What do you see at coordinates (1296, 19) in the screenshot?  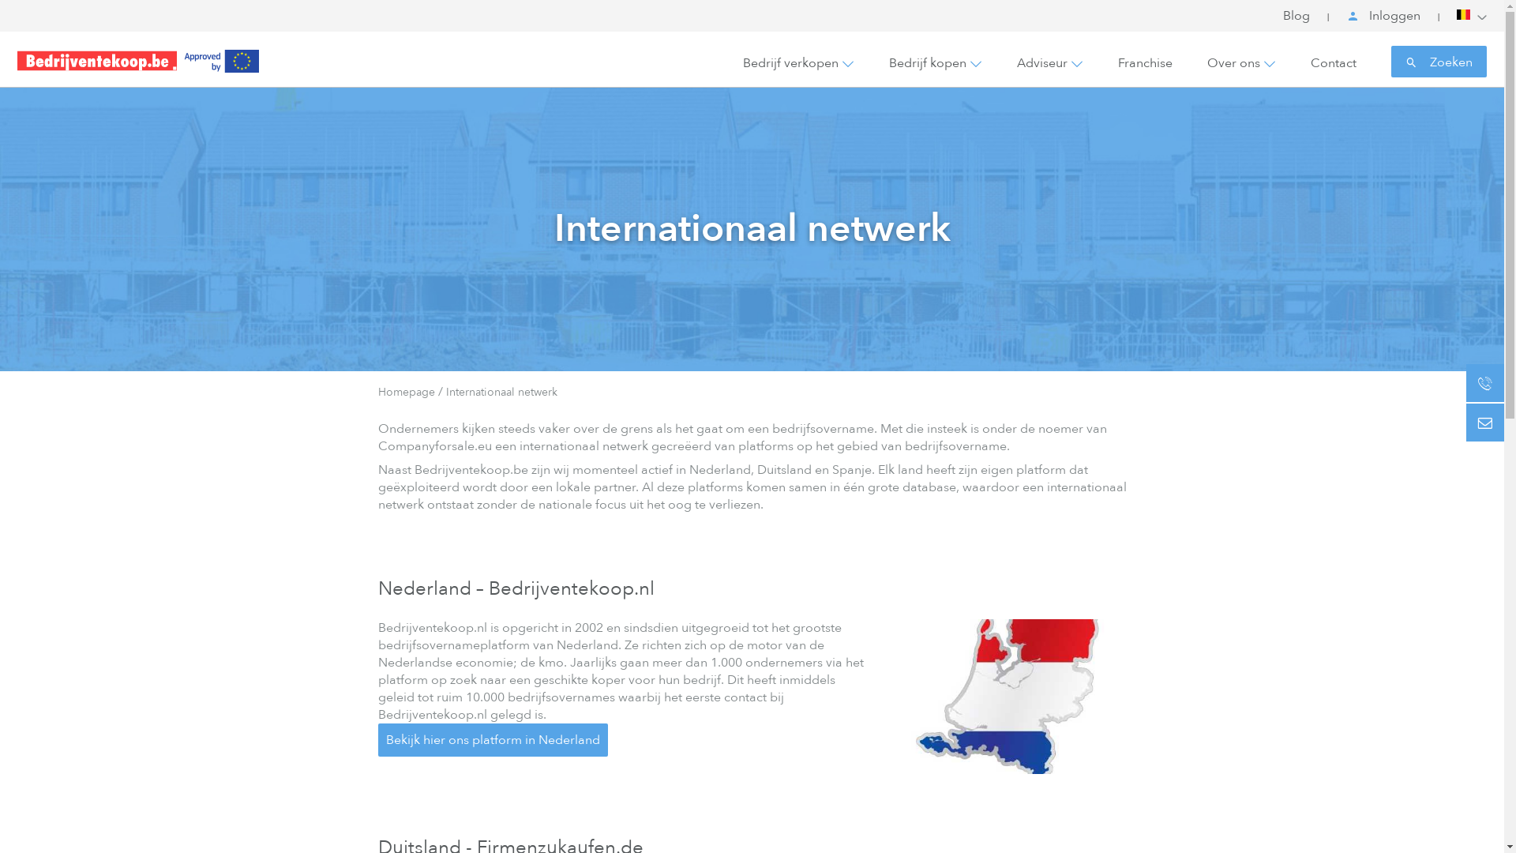 I see `'Blog'` at bounding box center [1296, 19].